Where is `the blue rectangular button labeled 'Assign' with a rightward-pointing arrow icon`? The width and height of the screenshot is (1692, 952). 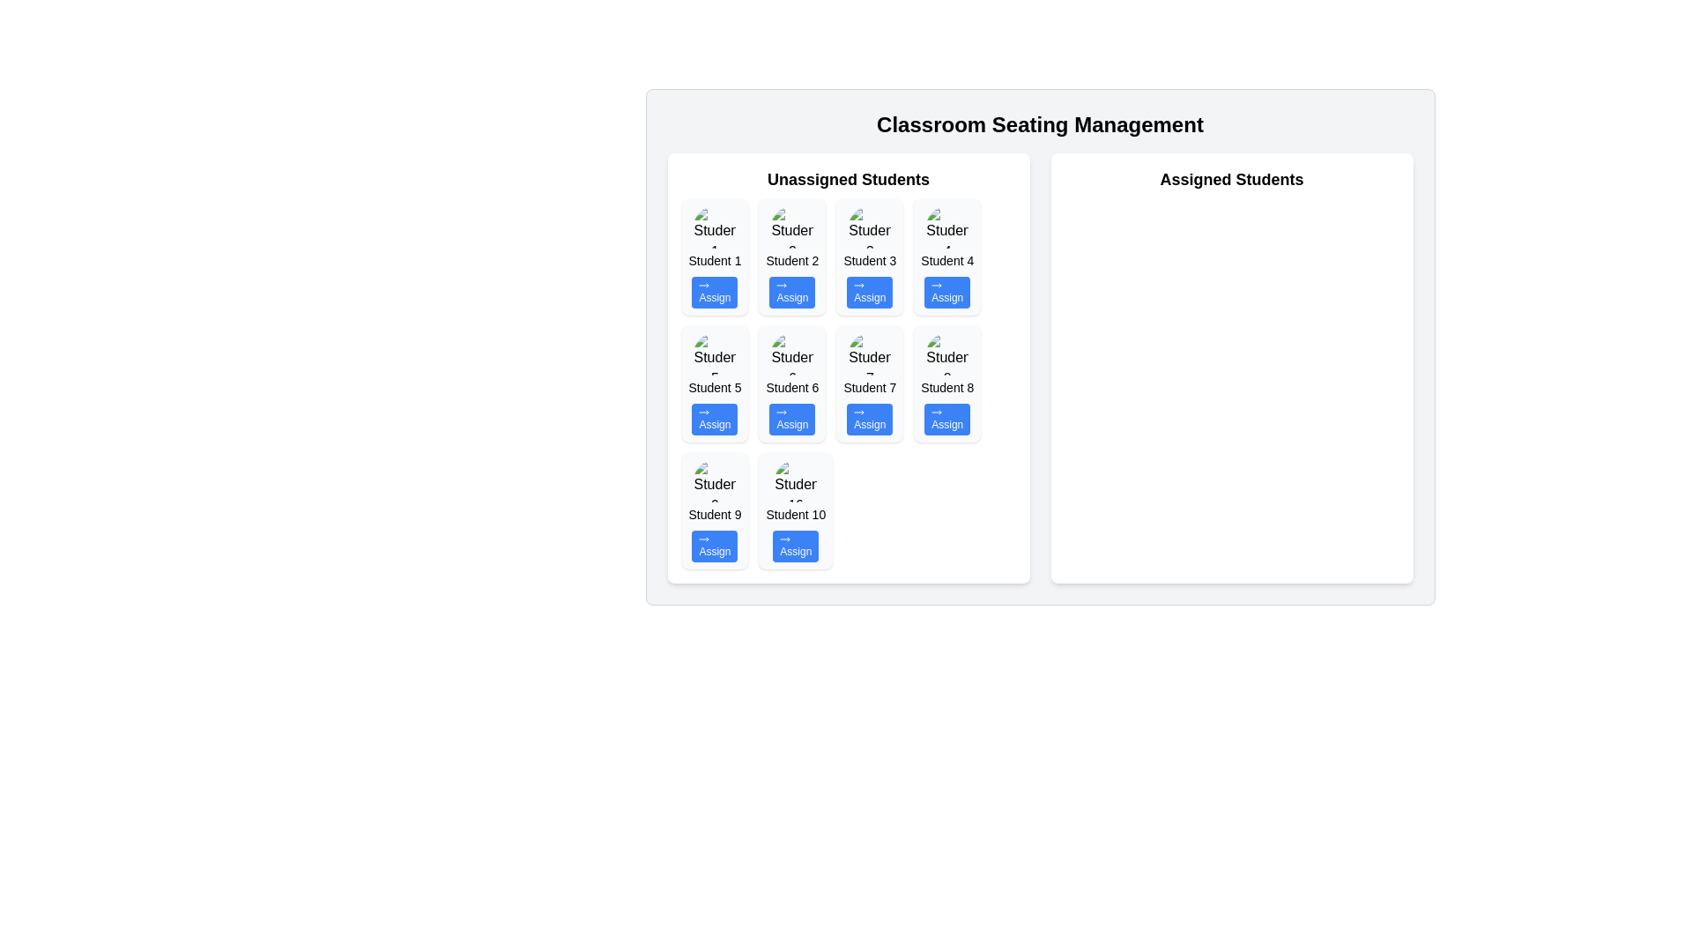 the blue rectangular button labeled 'Assign' with a rightward-pointing arrow icon is located at coordinates (795, 546).